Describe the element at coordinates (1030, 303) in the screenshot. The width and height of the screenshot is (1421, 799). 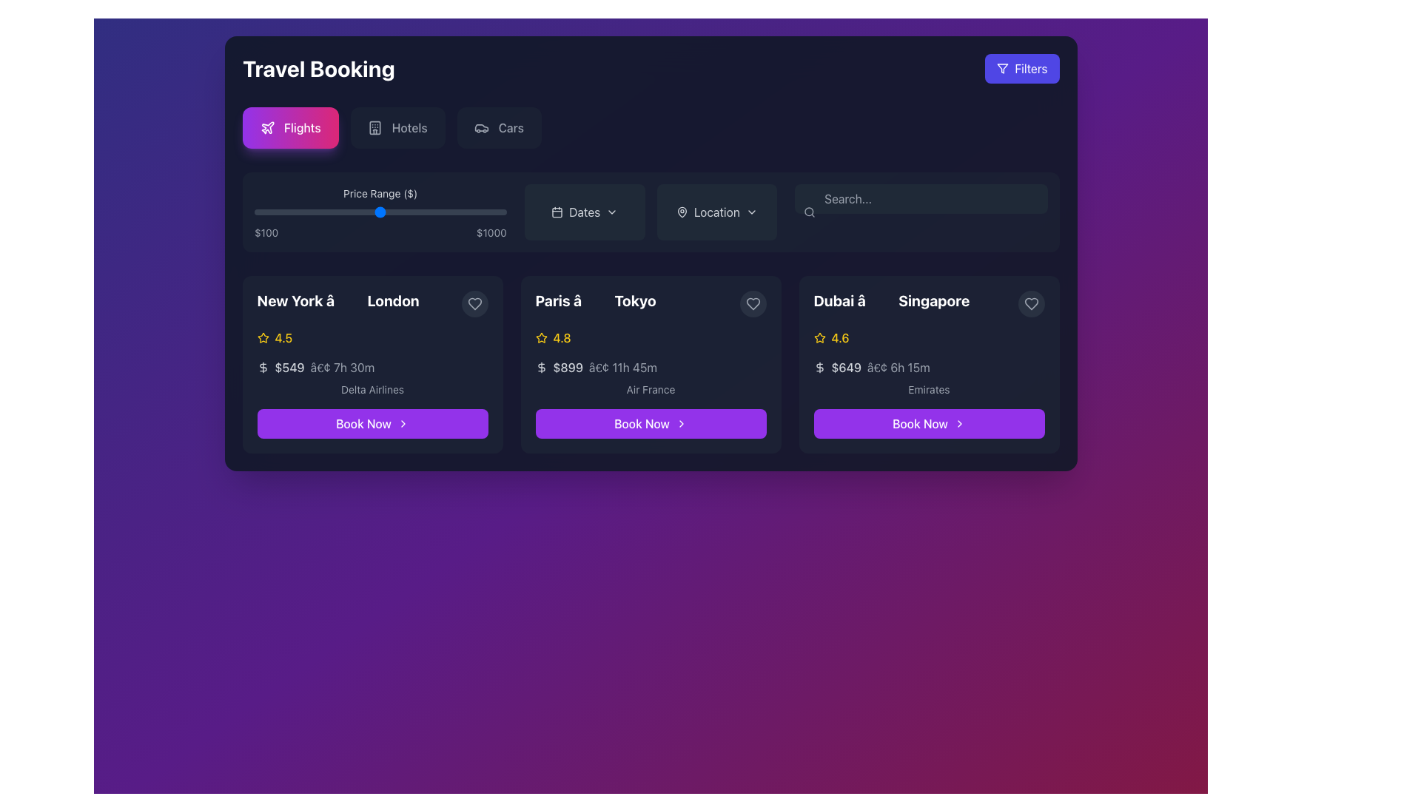
I see `the heart-shaped interactive icon located in the top-right corner of the travel details card for the route 'Dubai â€¦ Singapore' to mark it as a favorite` at that location.